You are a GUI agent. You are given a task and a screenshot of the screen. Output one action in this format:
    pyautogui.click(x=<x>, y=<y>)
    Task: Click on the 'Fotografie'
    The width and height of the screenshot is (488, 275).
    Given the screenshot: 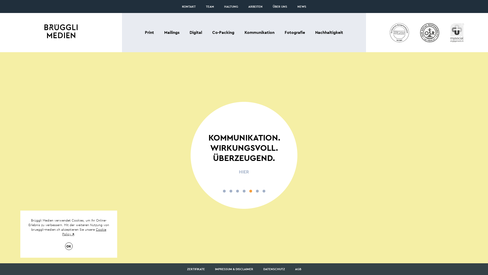 What is the action you would take?
    pyautogui.click(x=295, y=32)
    